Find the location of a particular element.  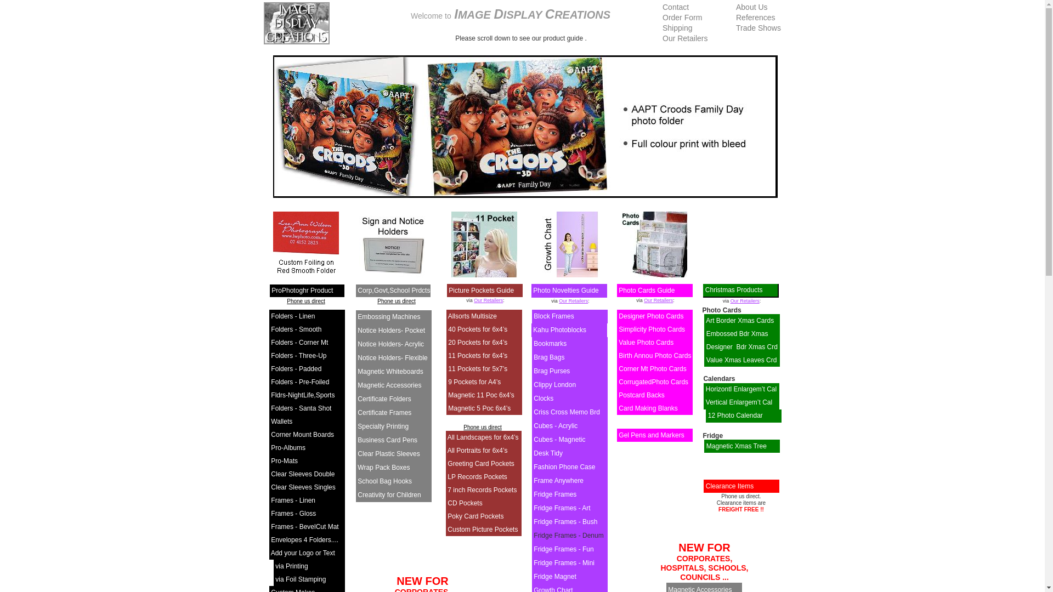

'Wallets' is located at coordinates (281, 420).